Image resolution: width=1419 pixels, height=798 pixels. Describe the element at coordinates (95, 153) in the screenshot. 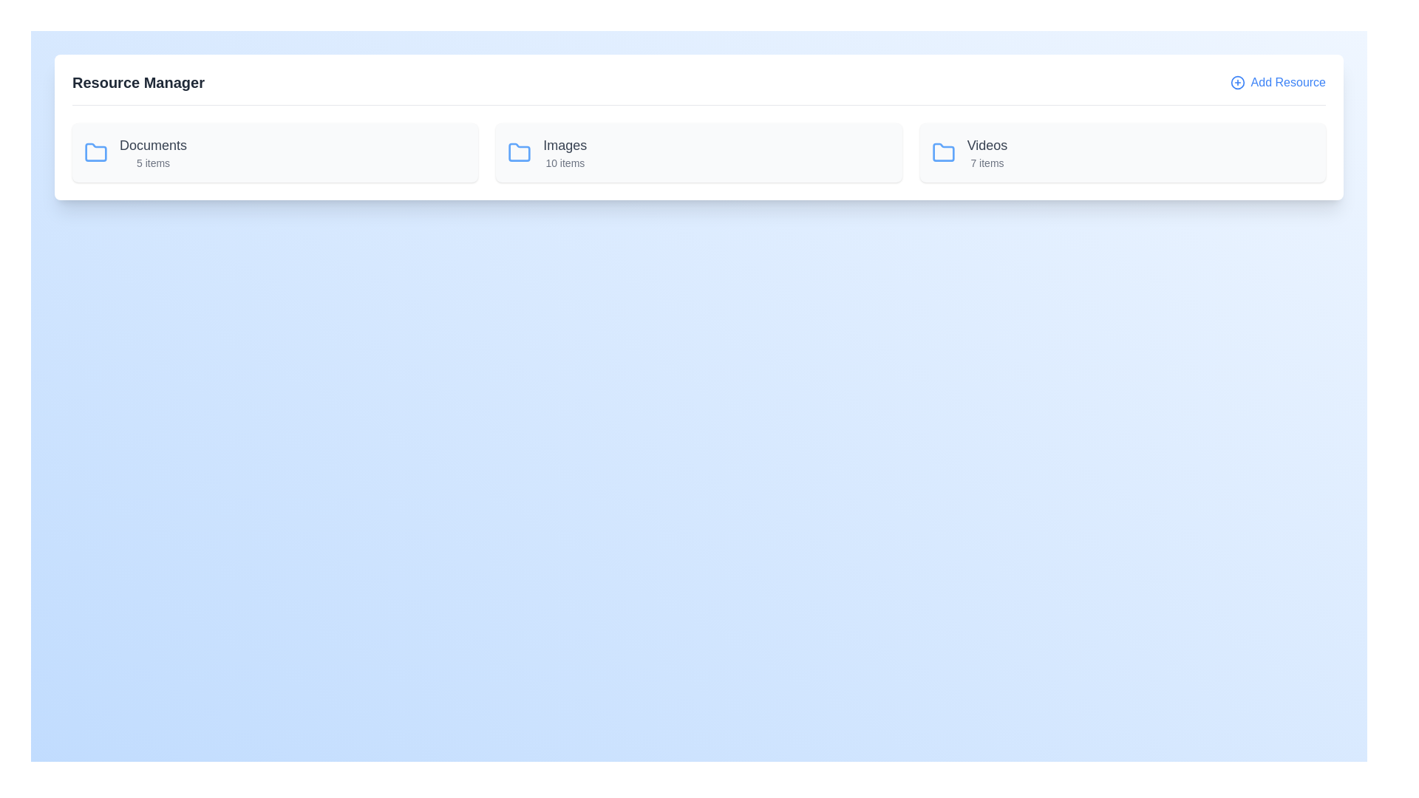

I see `the 'Documents' folder icon located in the upper area of the page inside the card labeled 'Documents', positioned on the left side of the card` at that location.